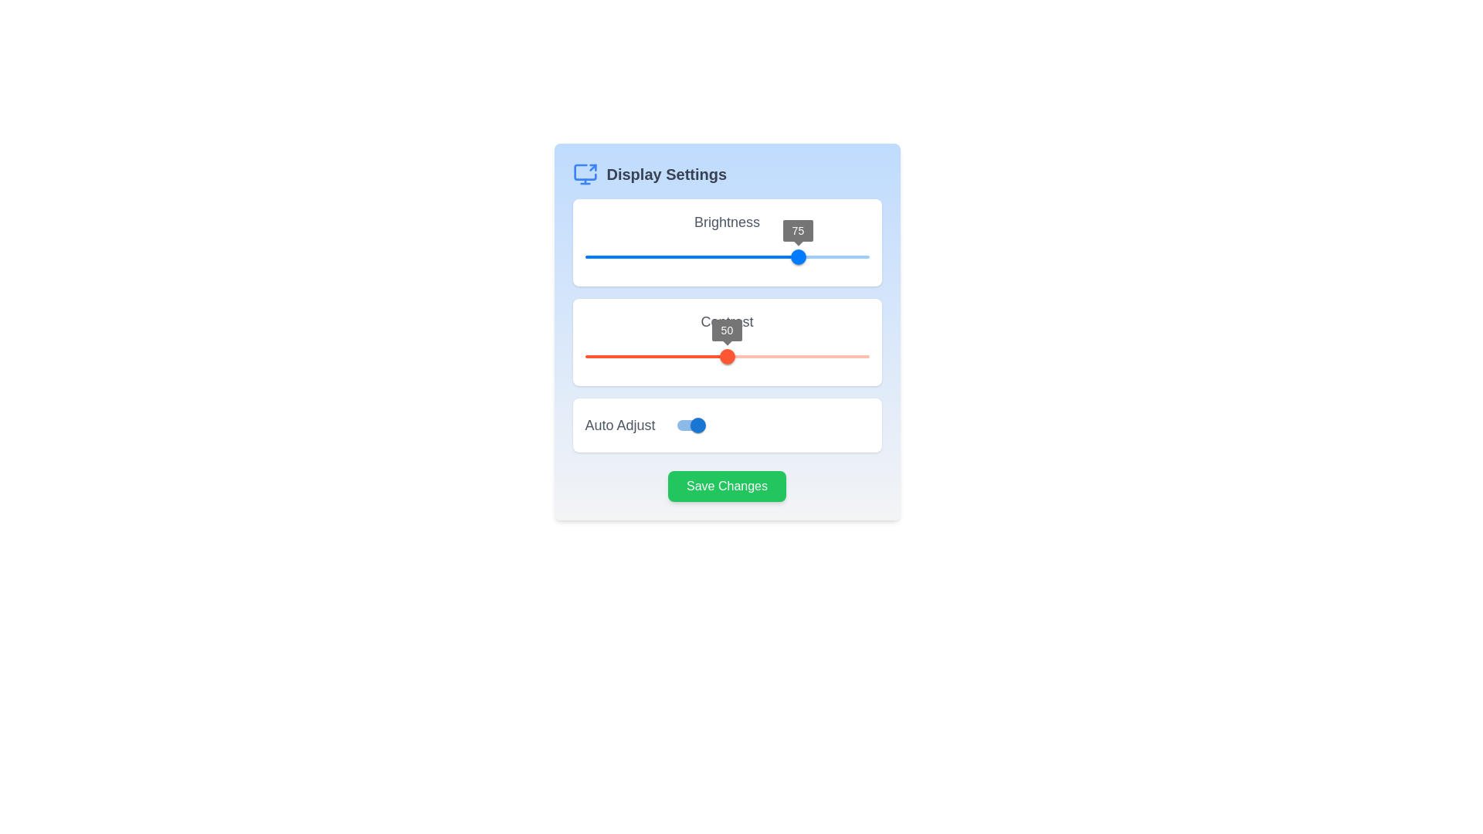  What do you see at coordinates (630, 256) in the screenshot?
I see `the brightness slider` at bounding box center [630, 256].